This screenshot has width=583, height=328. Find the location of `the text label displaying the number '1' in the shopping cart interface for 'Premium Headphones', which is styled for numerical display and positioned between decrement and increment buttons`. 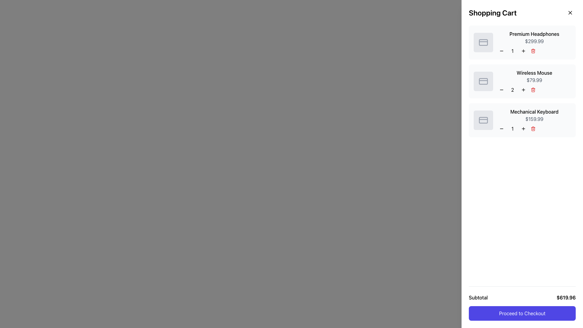

the text label displaying the number '1' in the shopping cart interface for 'Premium Headphones', which is styled for numerical display and positioned between decrement and increment buttons is located at coordinates (512, 51).